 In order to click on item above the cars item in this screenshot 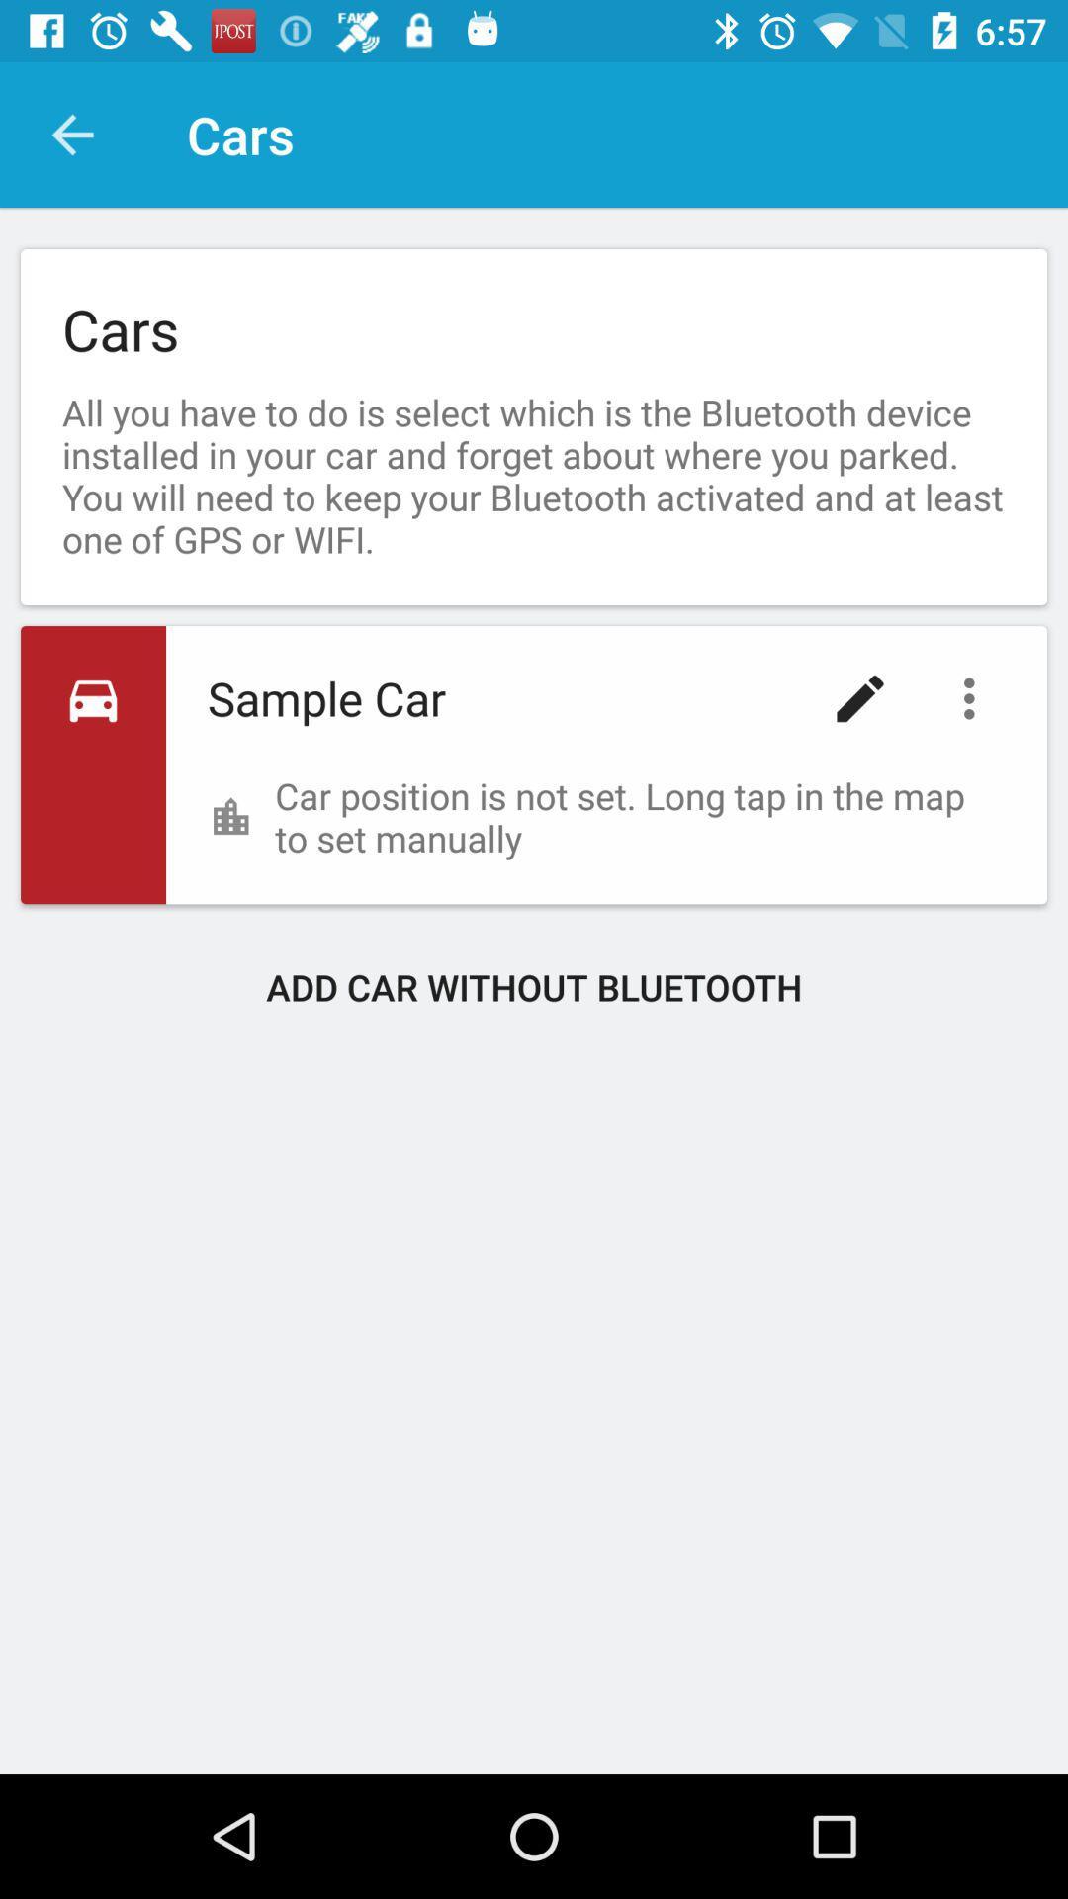, I will do `click(71, 134)`.